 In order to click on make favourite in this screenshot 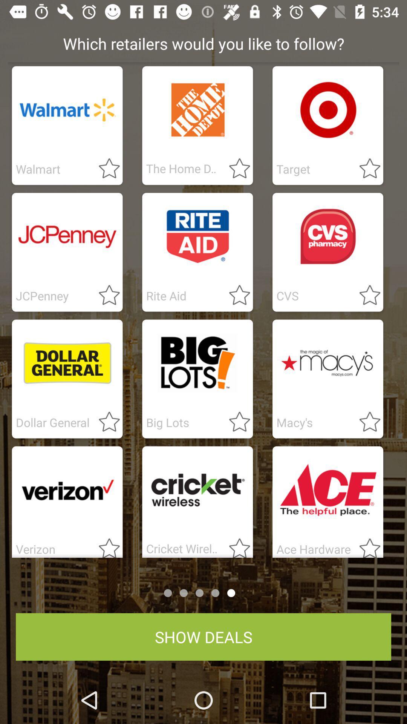, I will do `click(235, 422)`.